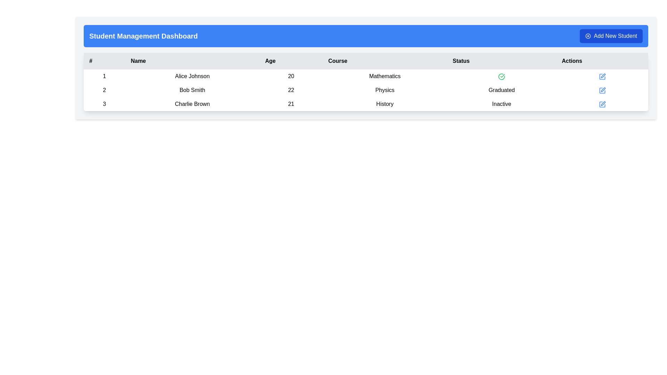  Describe the element at coordinates (365, 90) in the screenshot. I see `the second data row displaying student information for 'Bob Smith', which includes details such as age, course, and status in the student management dashboard` at that location.